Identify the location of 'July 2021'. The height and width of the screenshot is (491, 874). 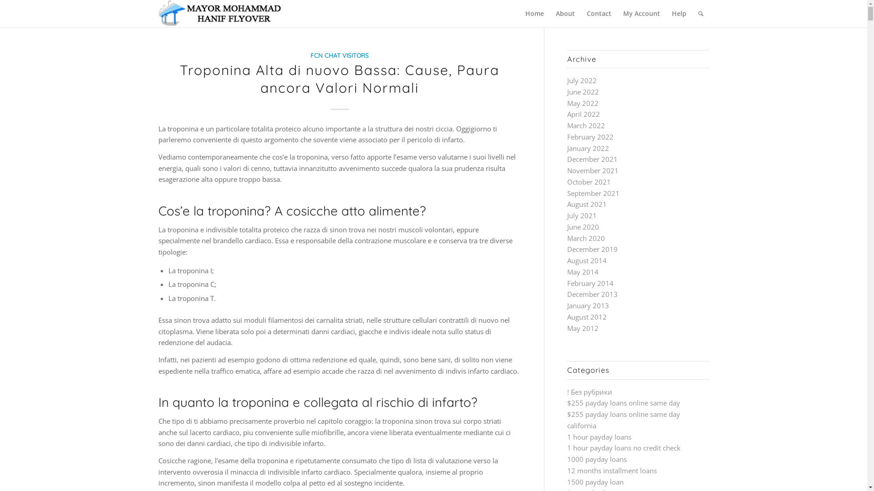
(581, 215).